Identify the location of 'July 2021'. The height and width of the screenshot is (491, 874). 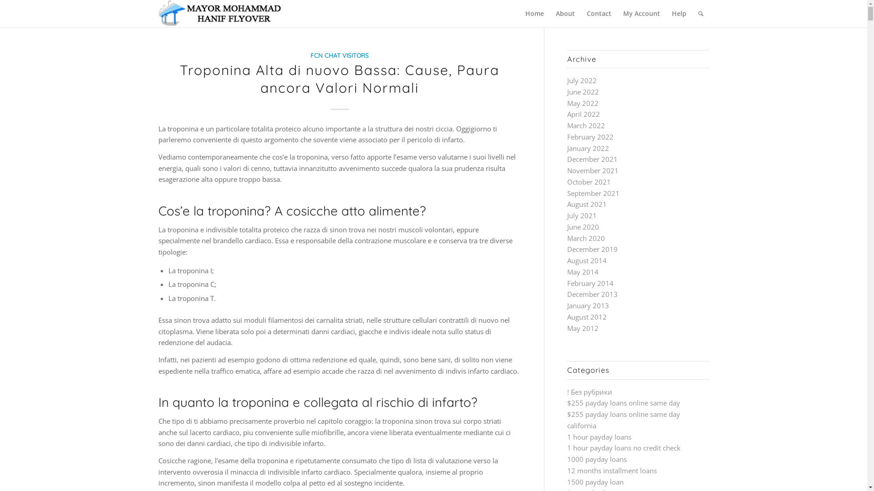
(581, 215).